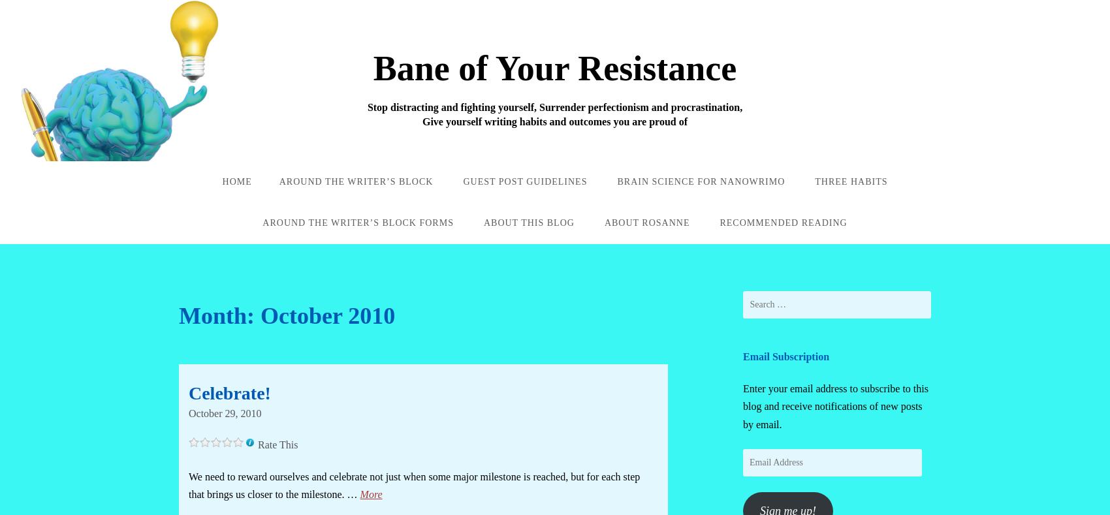  What do you see at coordinates (814, 181) in the screenshot?
I see `'Three Habits'` at bounding box center [814, 181].